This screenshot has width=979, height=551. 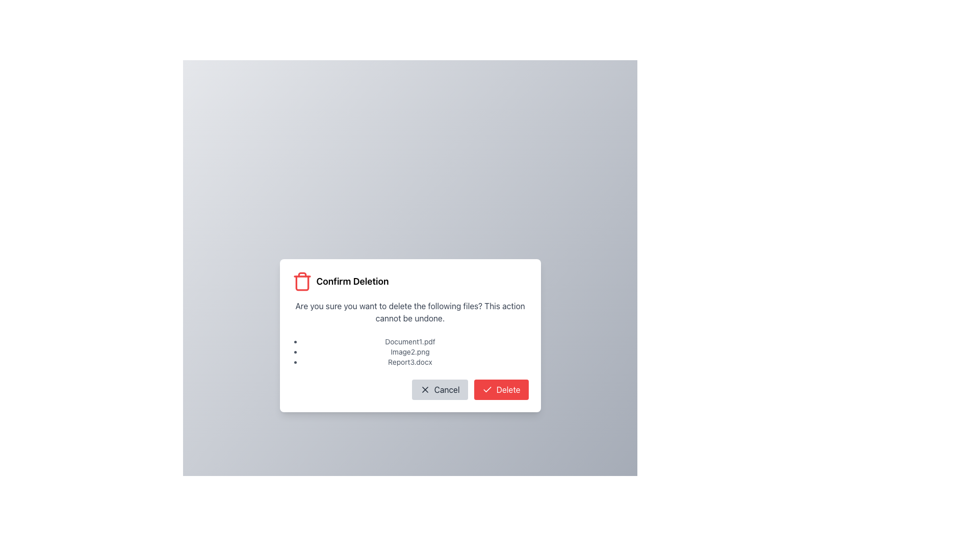 What do you see at coordinates (410, 312) in the screenshot?
I see `the text label stating 'Are you sure you want to delete the following files? This action cannot be undone.' which is located below the title 'Confirm Deletion' and above the listed files` at bounding box center [410, 312].